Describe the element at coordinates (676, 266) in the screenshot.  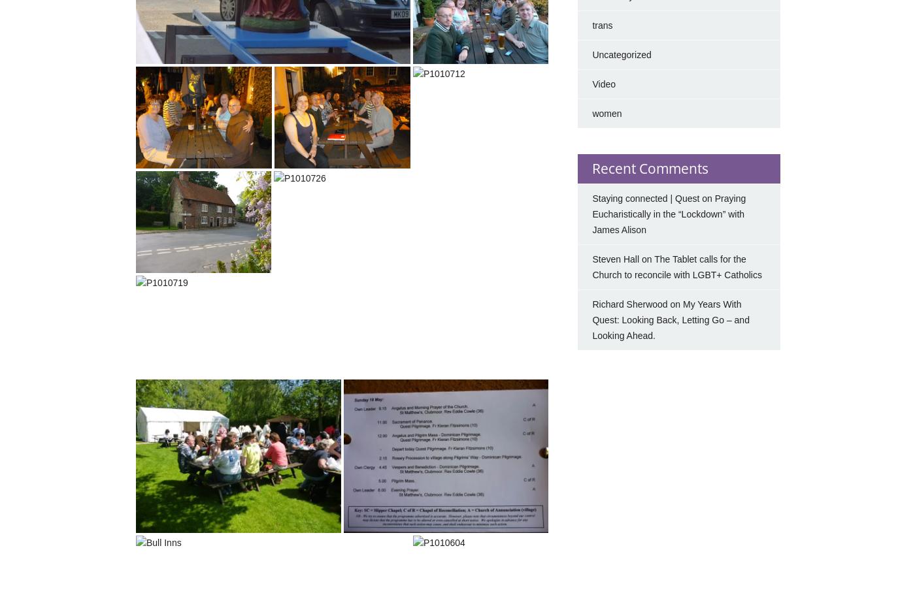
I see `'The Tablet calls for the Church to reconcile with LGBT+ Catholics'` at that location.